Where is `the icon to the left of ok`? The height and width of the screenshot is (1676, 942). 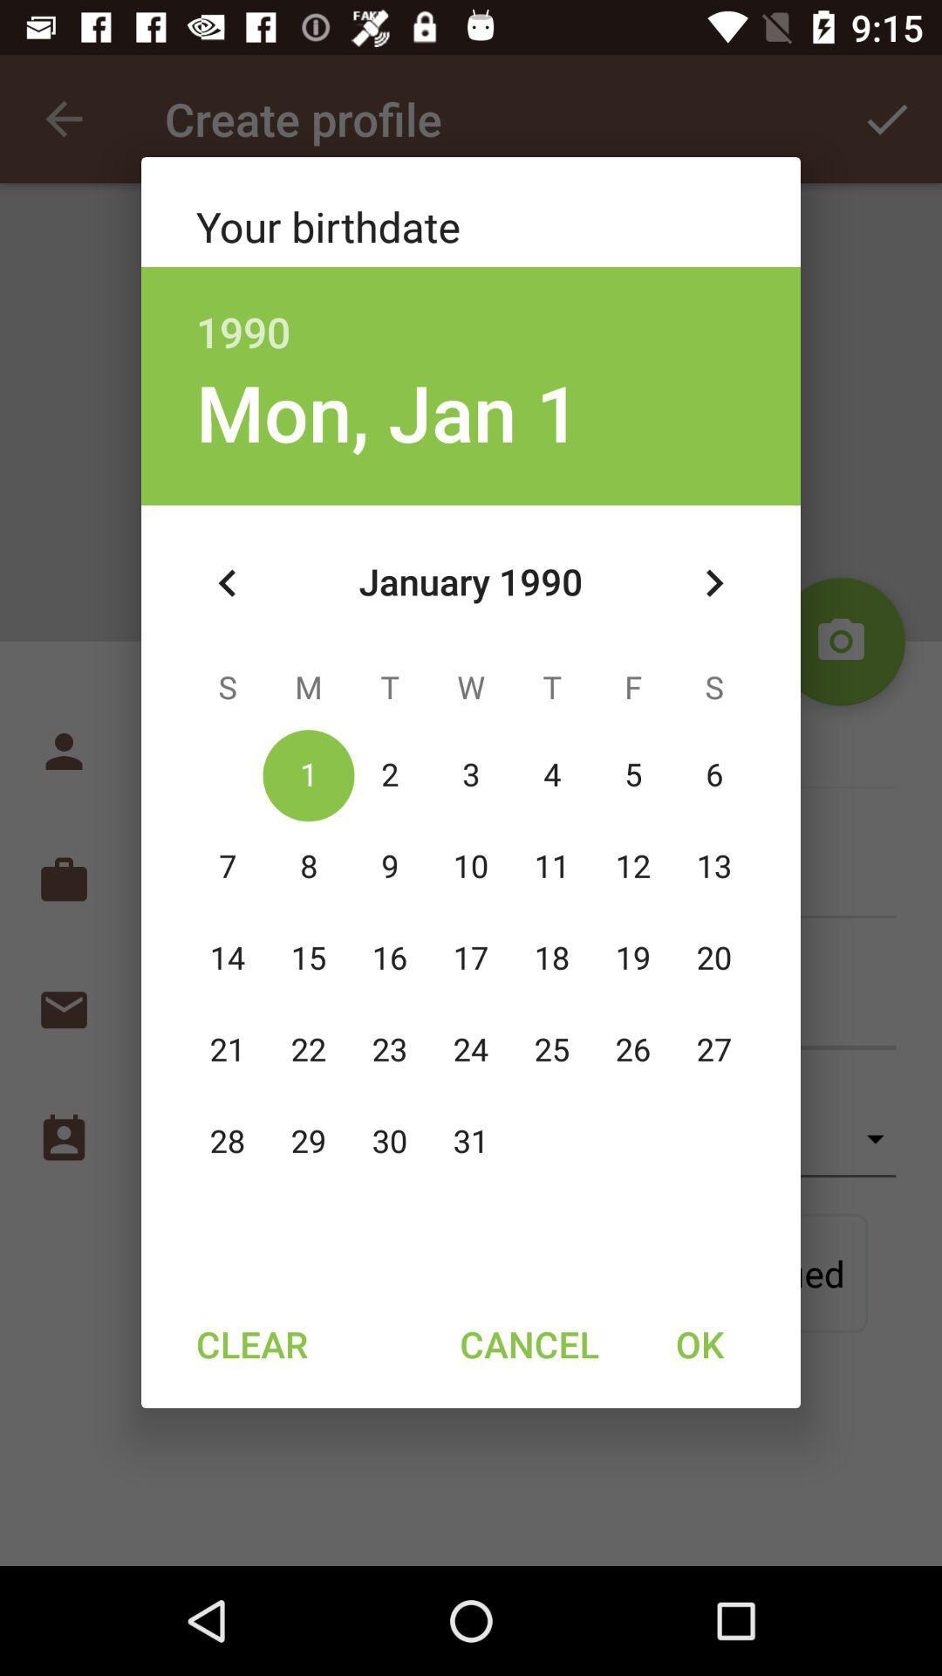
the icon to the left of ok is located at coordinates (529, 1343).